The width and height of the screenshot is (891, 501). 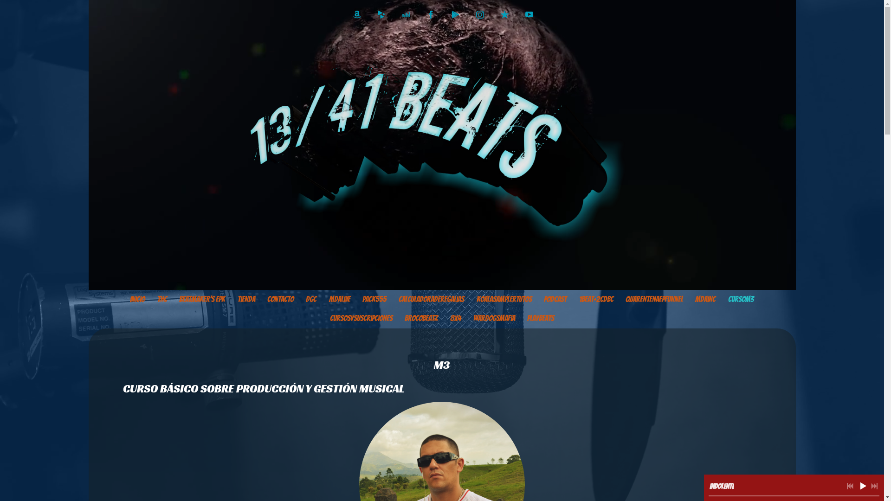 I want to click on 'QuarentenaEPfunnel', so click(x=619, y=299).